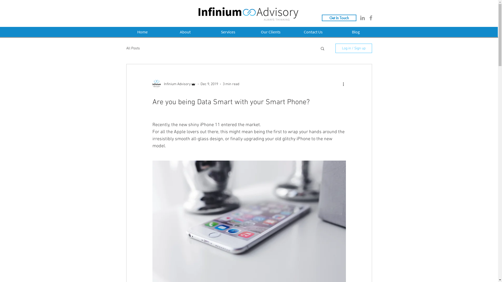 This screenshot has width=502, height=282. I want to click on 'Get In Touch', so click(339, 17).